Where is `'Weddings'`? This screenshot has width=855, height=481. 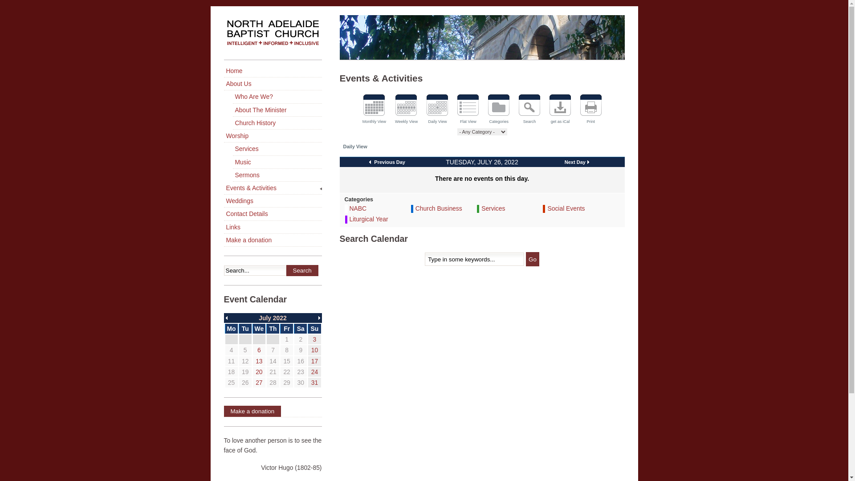 'Weddings' is located at coordinates (272, 201).